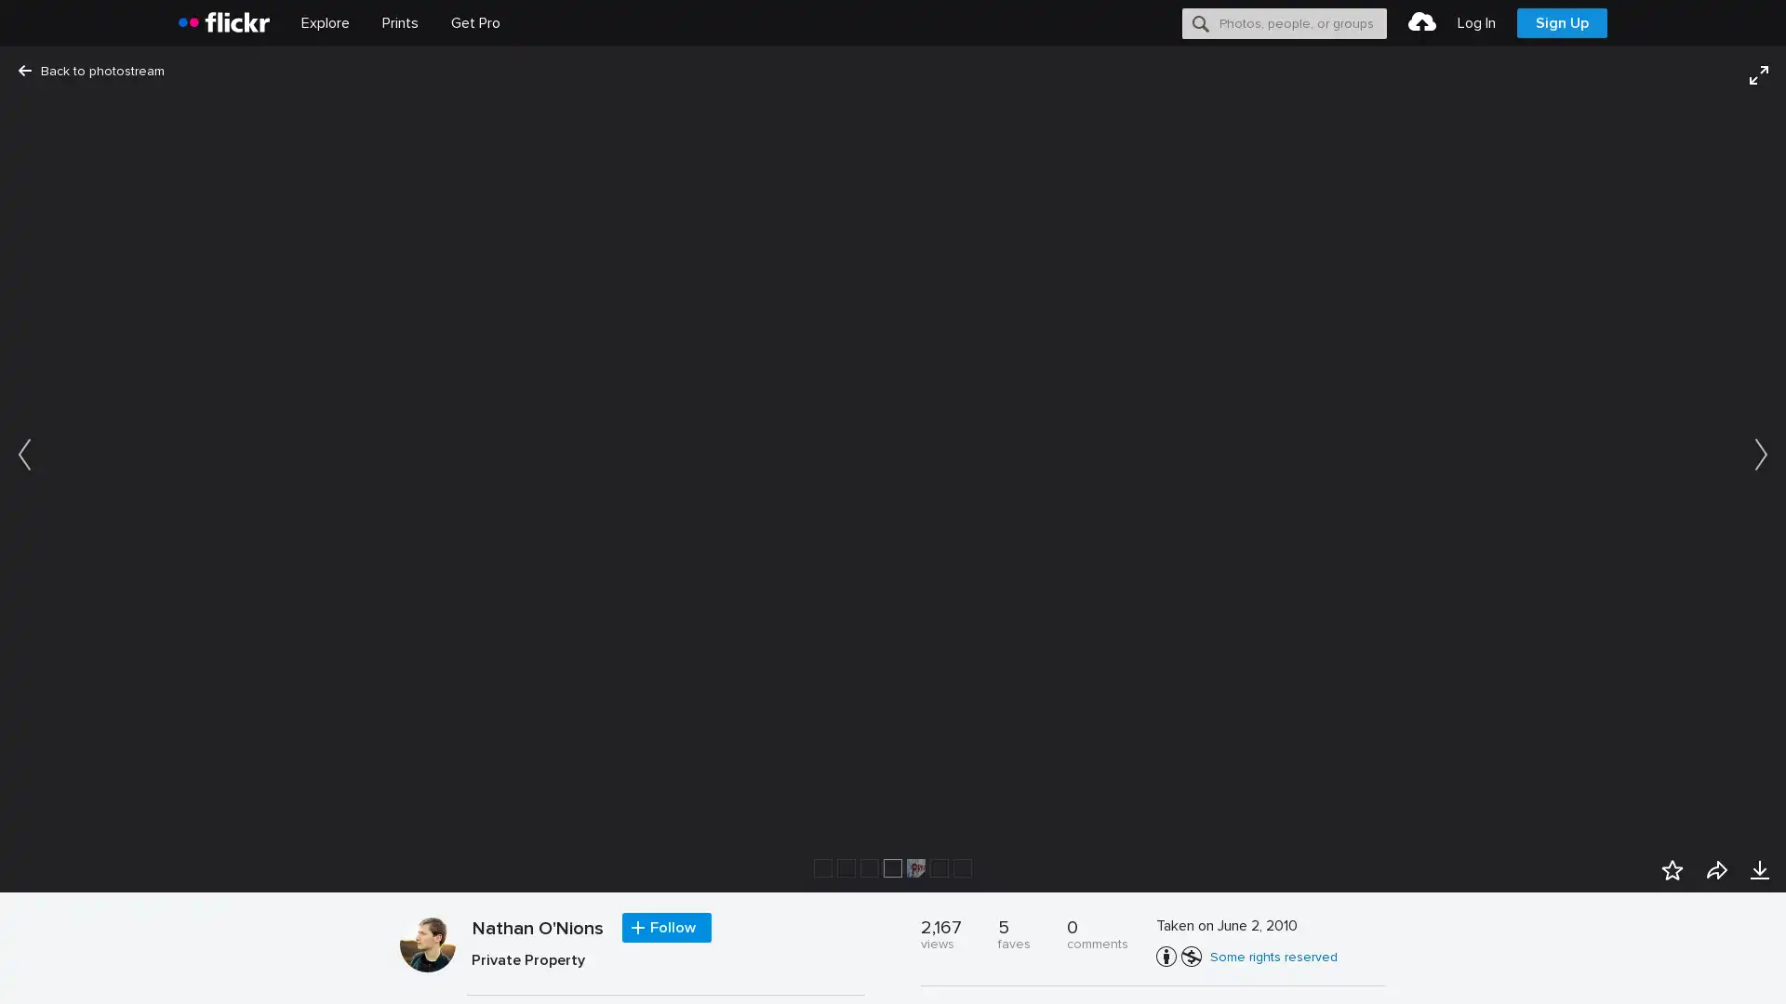 This screenshot has width=1786, height=1004. What do you see at coordinates (1201, 22) in the screenshot?
I see `Search` at bounding box center [1201, 22].